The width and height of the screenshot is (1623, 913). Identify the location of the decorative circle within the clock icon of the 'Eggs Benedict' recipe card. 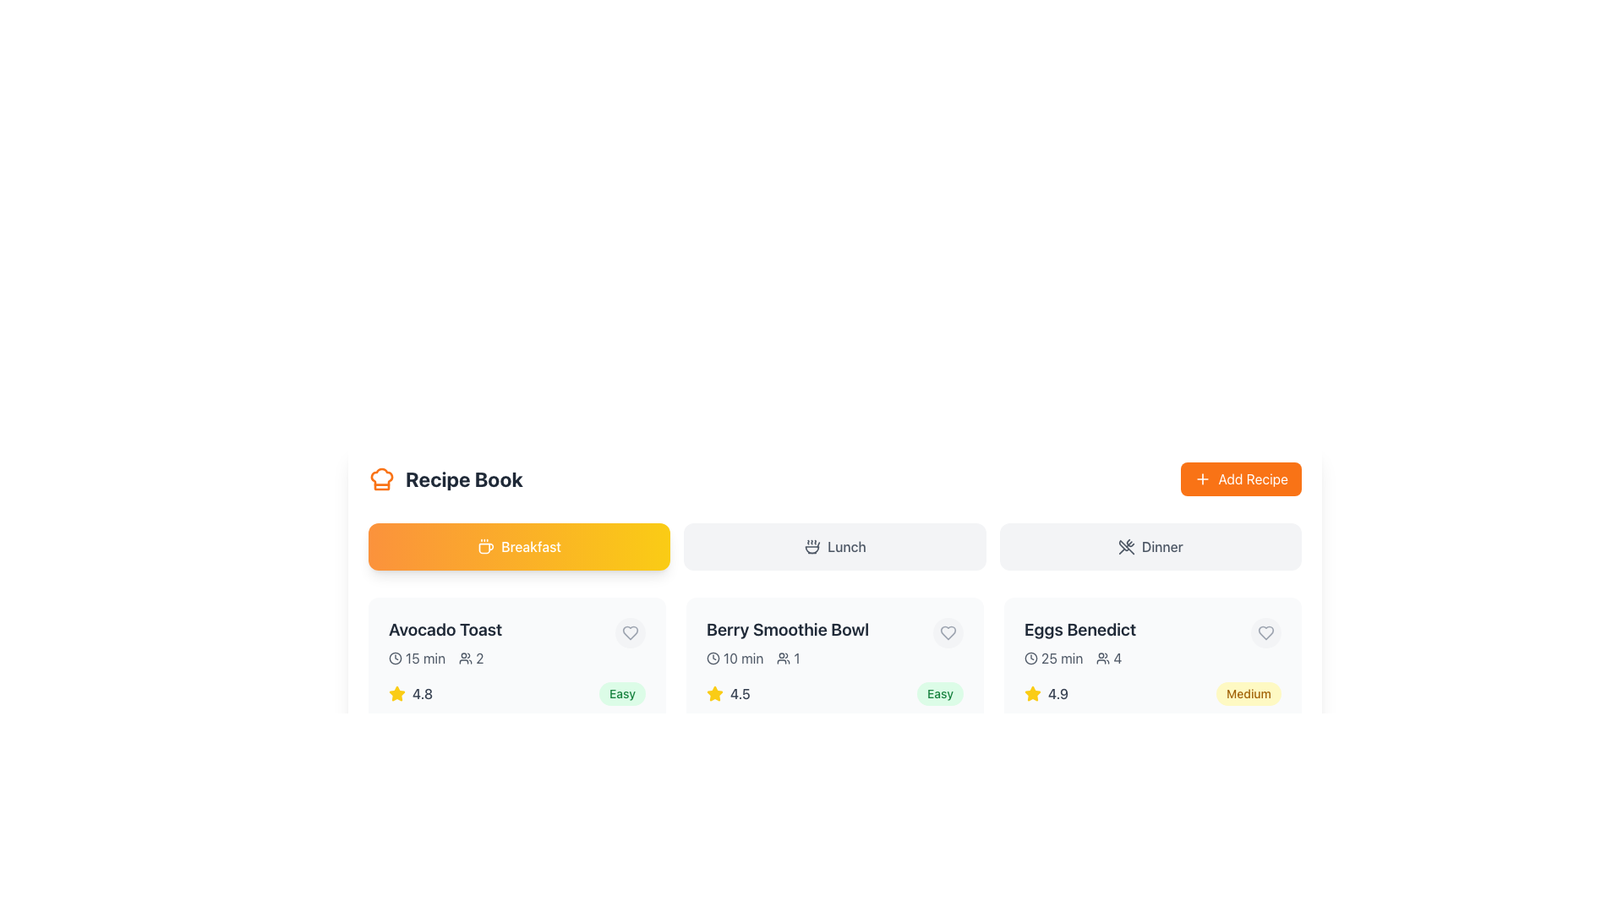
(1030, 658).